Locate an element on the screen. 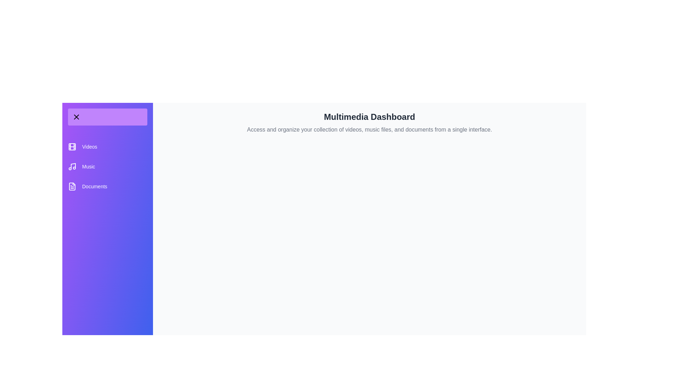 The height and width of the screenshot is (383, 680). drawer toggle button to toggle the drawer open or closed is located at coordinates (107, 117).